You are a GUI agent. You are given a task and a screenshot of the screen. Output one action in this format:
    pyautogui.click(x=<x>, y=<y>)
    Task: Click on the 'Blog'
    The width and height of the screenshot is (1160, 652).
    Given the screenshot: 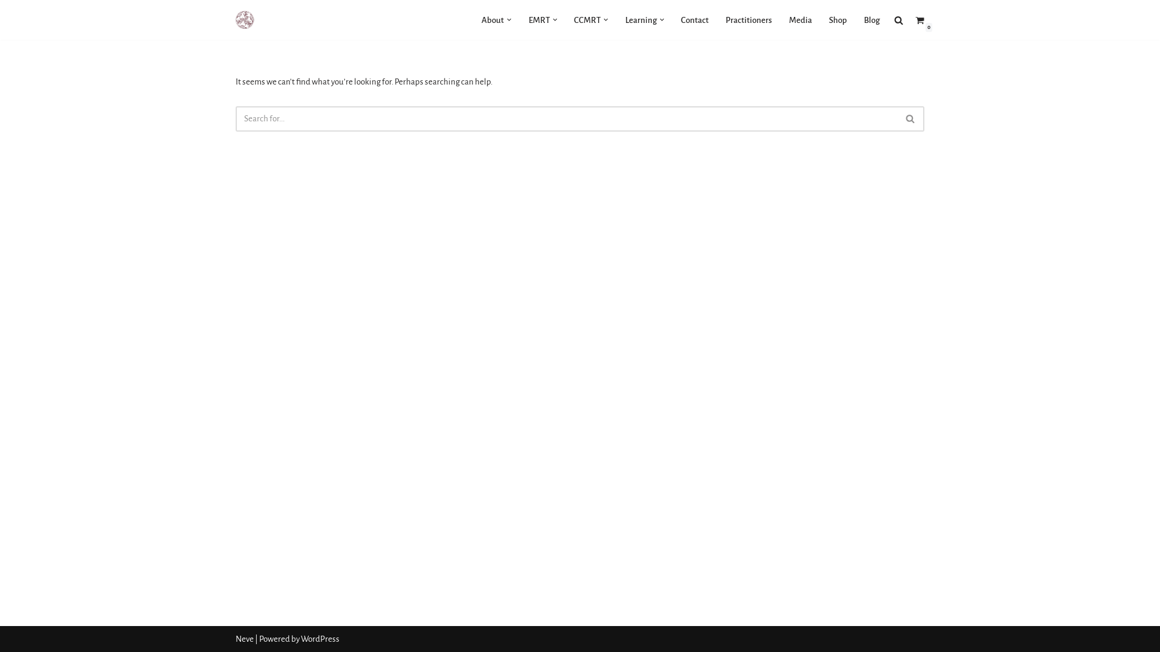 What is the action you would take?
    pyautogui.click(x=872, y=19)
    